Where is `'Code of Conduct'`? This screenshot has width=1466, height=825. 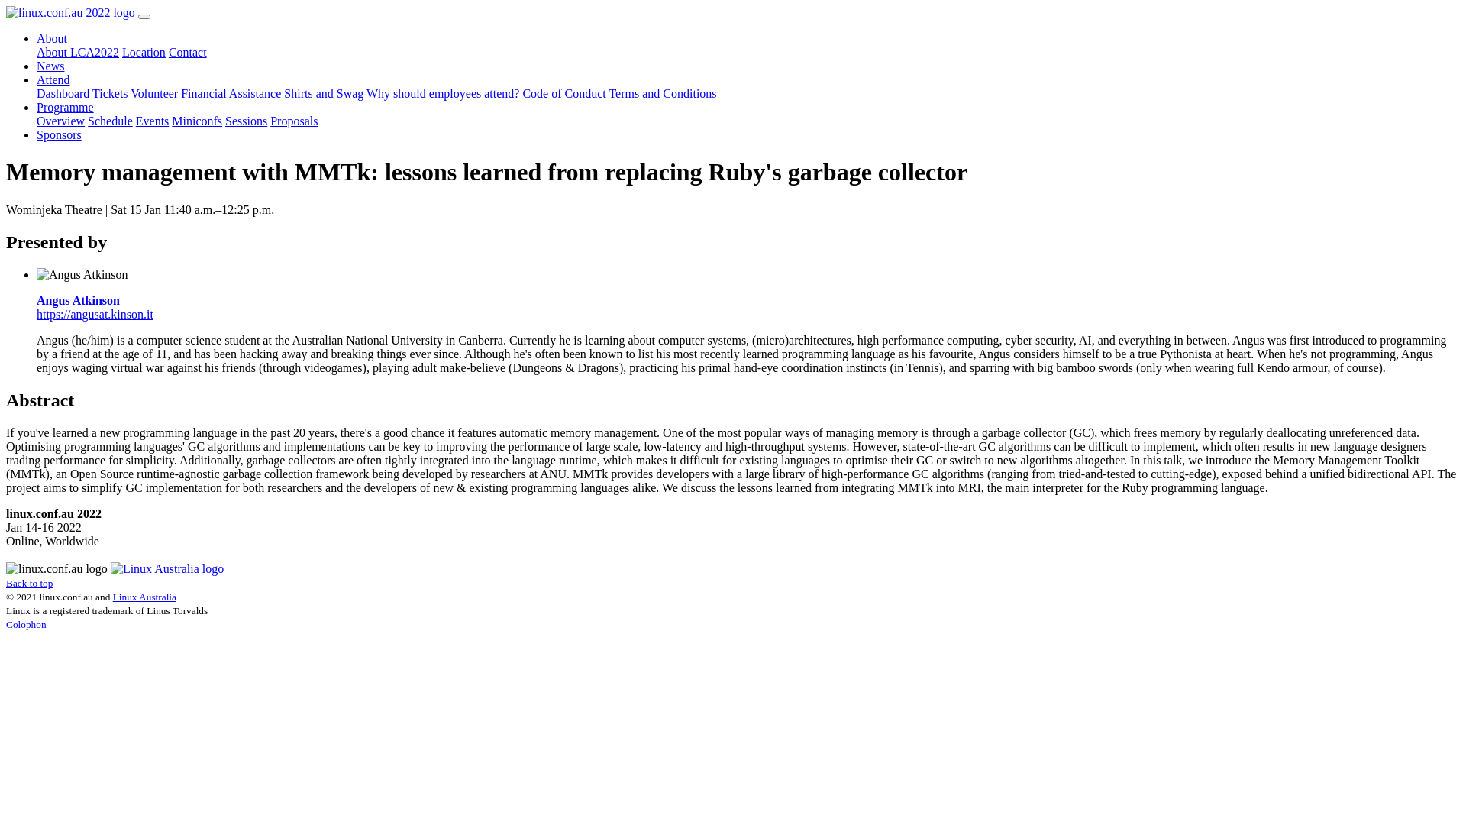
'Code of Conduct' is located at coordinates (563, 93).